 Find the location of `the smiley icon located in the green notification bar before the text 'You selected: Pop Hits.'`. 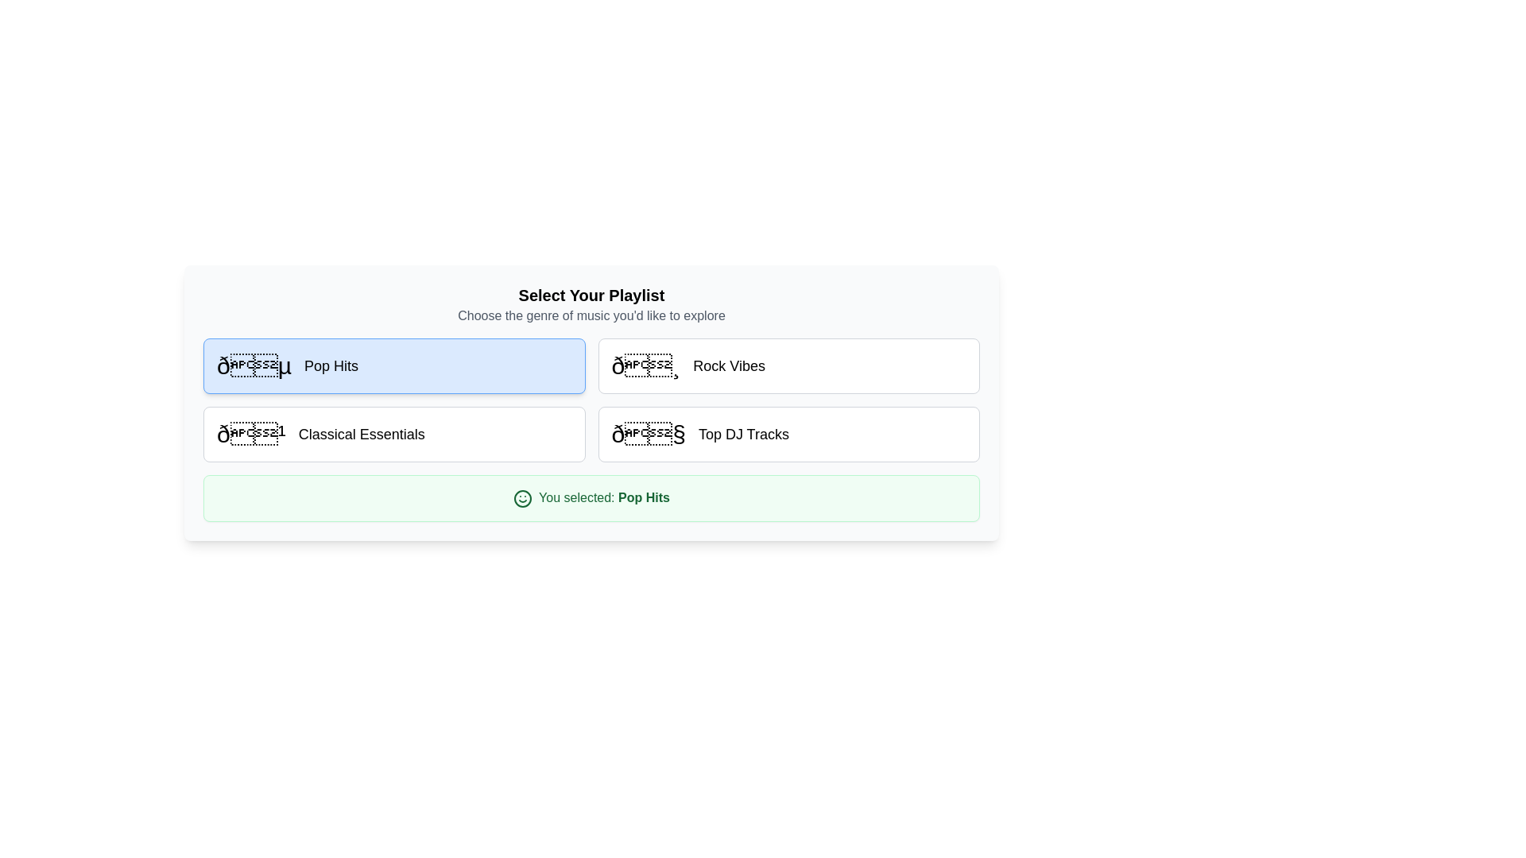

the smiley icon located in the green notification bar before the text 'You selected: Pop Hits.' is located at coordinates (522, 497).